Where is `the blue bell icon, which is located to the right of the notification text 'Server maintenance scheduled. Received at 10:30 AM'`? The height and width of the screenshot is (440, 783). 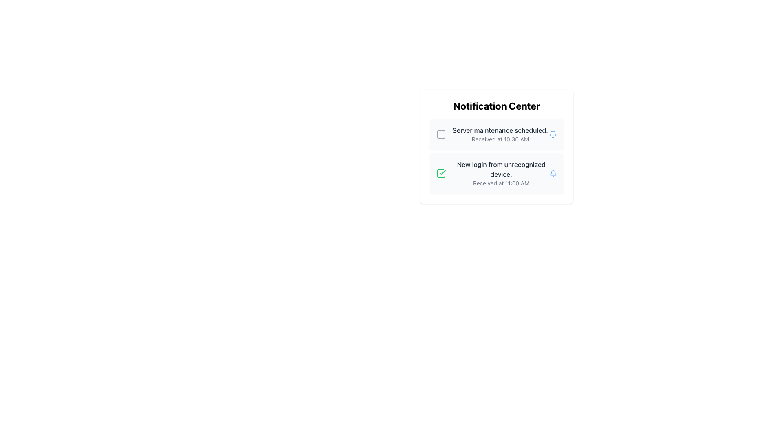
the blue bell icon, which is located to the right of the notification text 'Server maintenance scheduled. Received at 10:30 AM' is located at coordinates (553, 134).